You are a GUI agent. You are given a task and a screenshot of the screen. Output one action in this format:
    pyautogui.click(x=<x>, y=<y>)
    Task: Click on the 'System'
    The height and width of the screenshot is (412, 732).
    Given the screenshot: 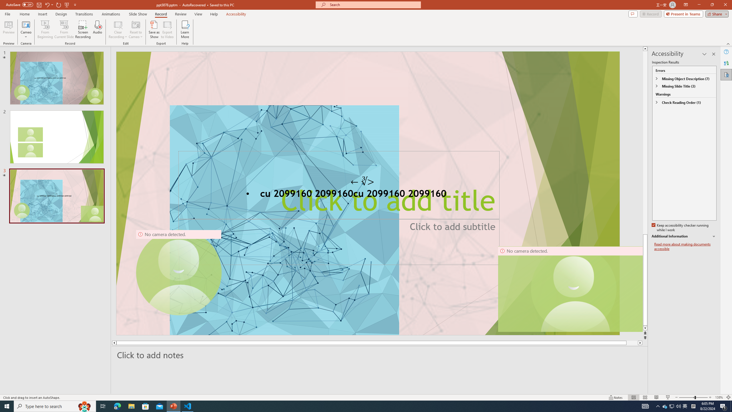 What is the action you would take?
    pyautogui.click(x=3, y=3)
    